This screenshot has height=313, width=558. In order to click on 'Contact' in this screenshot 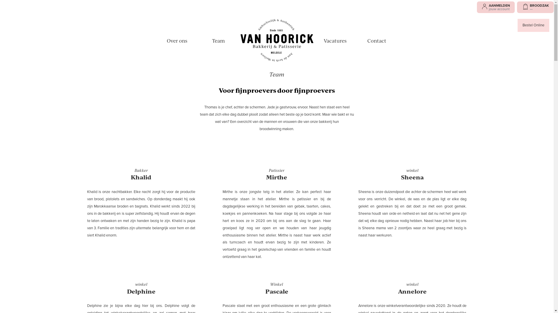, I will do `click(376, 40)`.